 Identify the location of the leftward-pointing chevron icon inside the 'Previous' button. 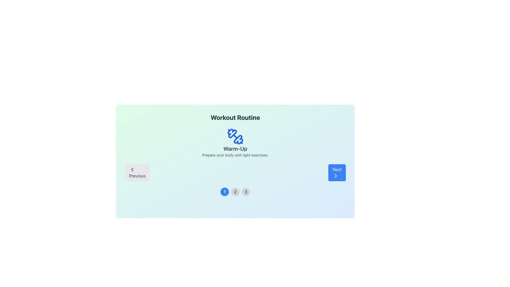
(132, 169).